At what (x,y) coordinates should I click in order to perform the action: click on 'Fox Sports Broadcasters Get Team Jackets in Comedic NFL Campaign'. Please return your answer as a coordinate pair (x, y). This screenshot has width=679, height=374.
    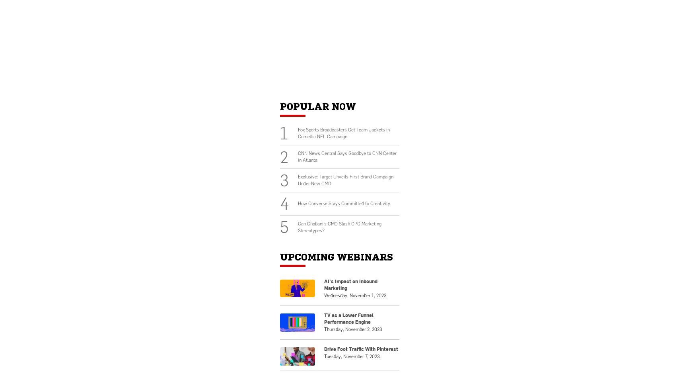
    Looking at the image, I should click on (298, 132).